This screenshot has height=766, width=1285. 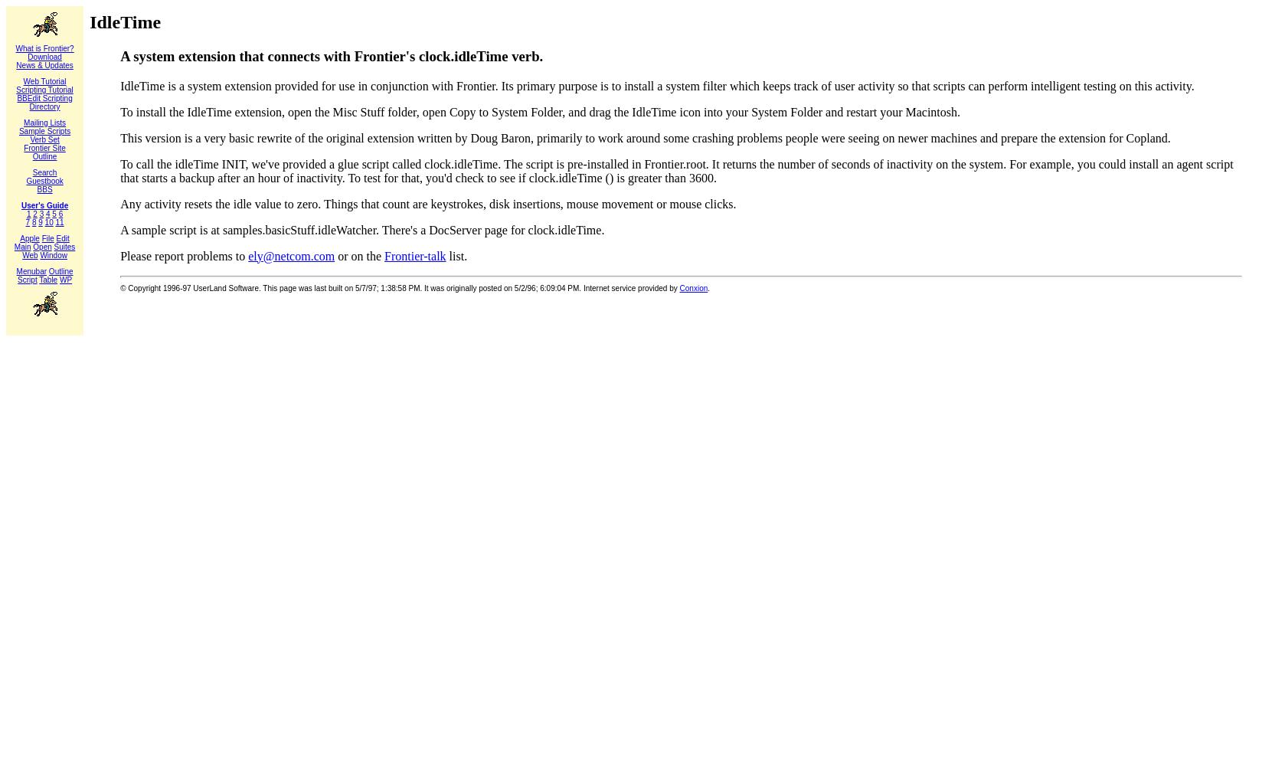 I want to click on 'This version is a very basic rewrite of the original extension written by Doug Baron, primarily to work around some crashing problems people were seeing on newer machines and prepare the extension for Copland.', so click(x=645, y=137).